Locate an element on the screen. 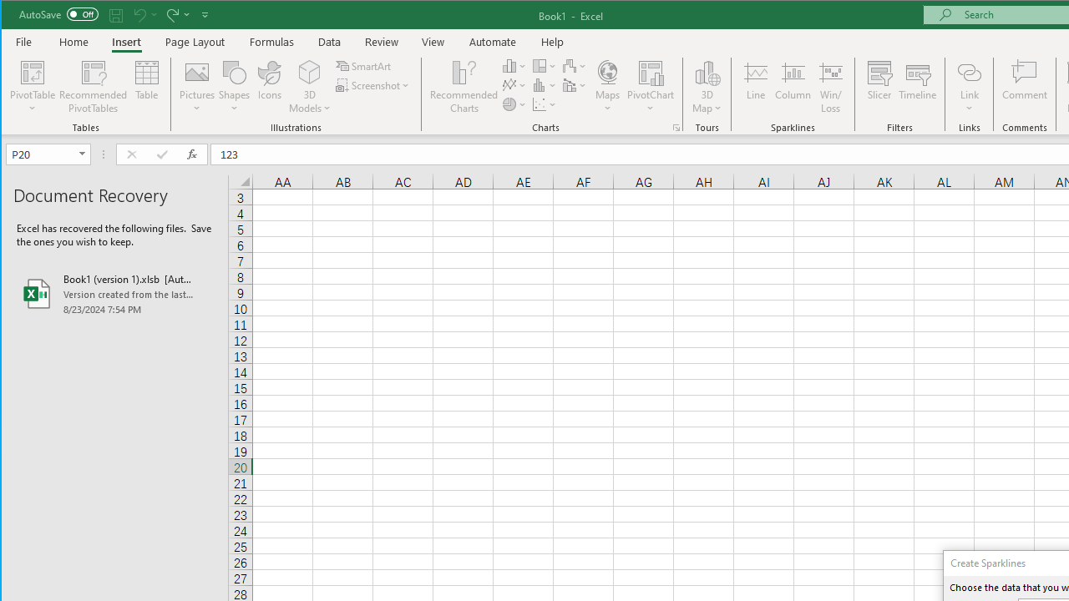 Image resolution: width=1069 pixels, height=601 pixels. 'PivotChart' is located at coordinates (650, 71).